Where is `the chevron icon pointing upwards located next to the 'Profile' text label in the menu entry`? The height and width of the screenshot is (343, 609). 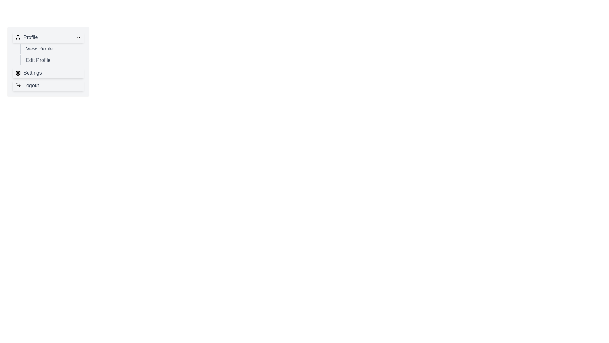
the chevron icon pointing upwards located next to the 'Profile' text label in the menu entry is located at coordinates (78, 37).